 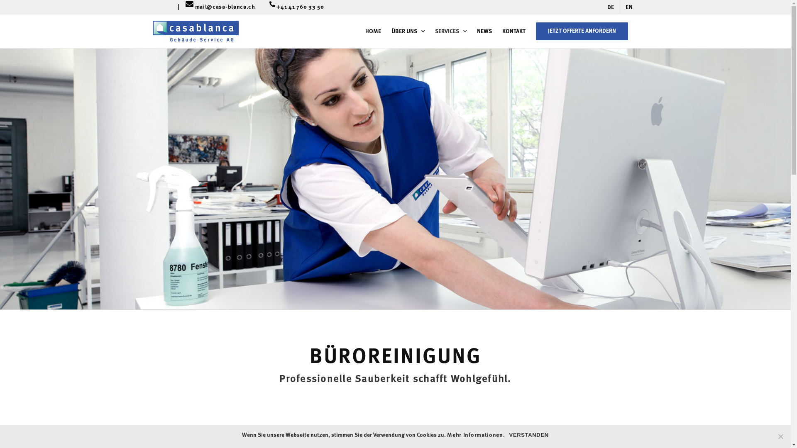 I want to click on 'Email', so click(x=189, y=8).